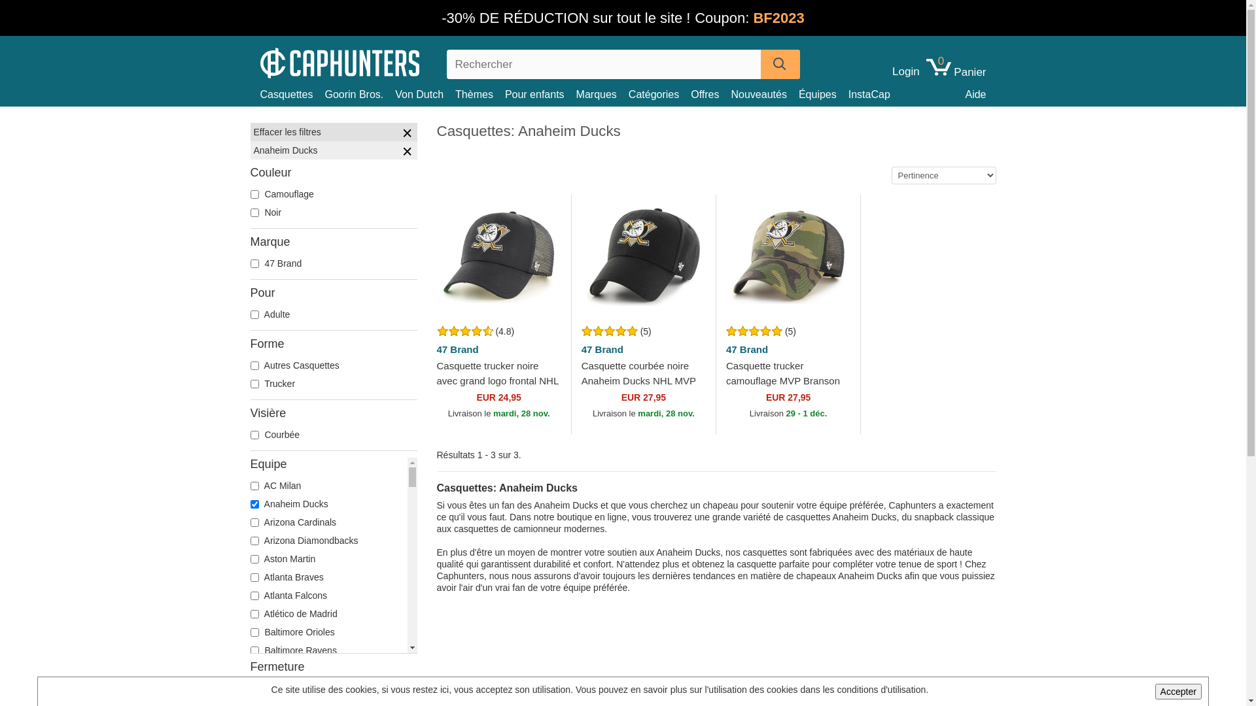  What do you see at coordinates (360, 93) in the screenshot?
I see `'Goorin Bros.'` at bounding box center [360, 93].